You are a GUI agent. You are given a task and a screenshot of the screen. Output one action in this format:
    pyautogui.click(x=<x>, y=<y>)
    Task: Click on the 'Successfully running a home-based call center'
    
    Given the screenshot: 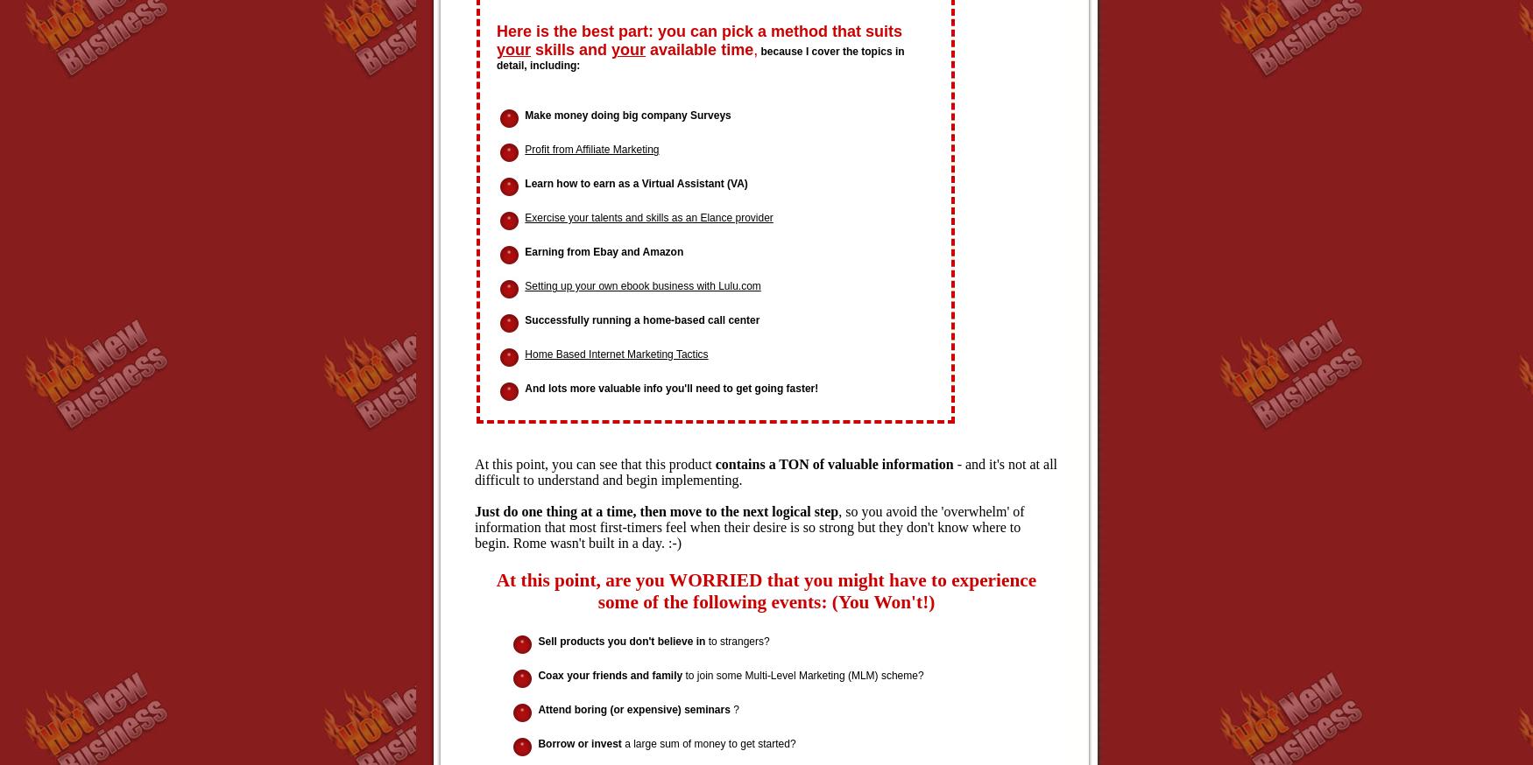 What is the action you would take?
    pyautogui.click(x=642, y=318)
    